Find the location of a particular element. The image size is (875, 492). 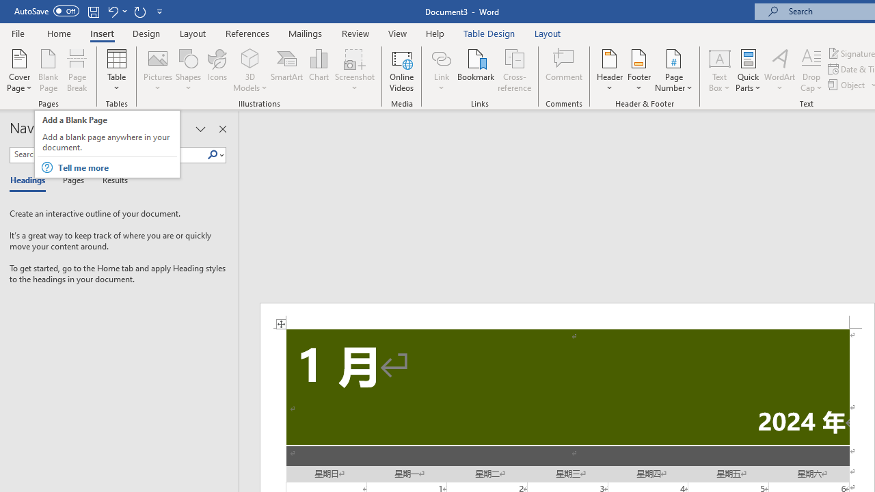

'Page Break' is located at coordinates (77, 70).